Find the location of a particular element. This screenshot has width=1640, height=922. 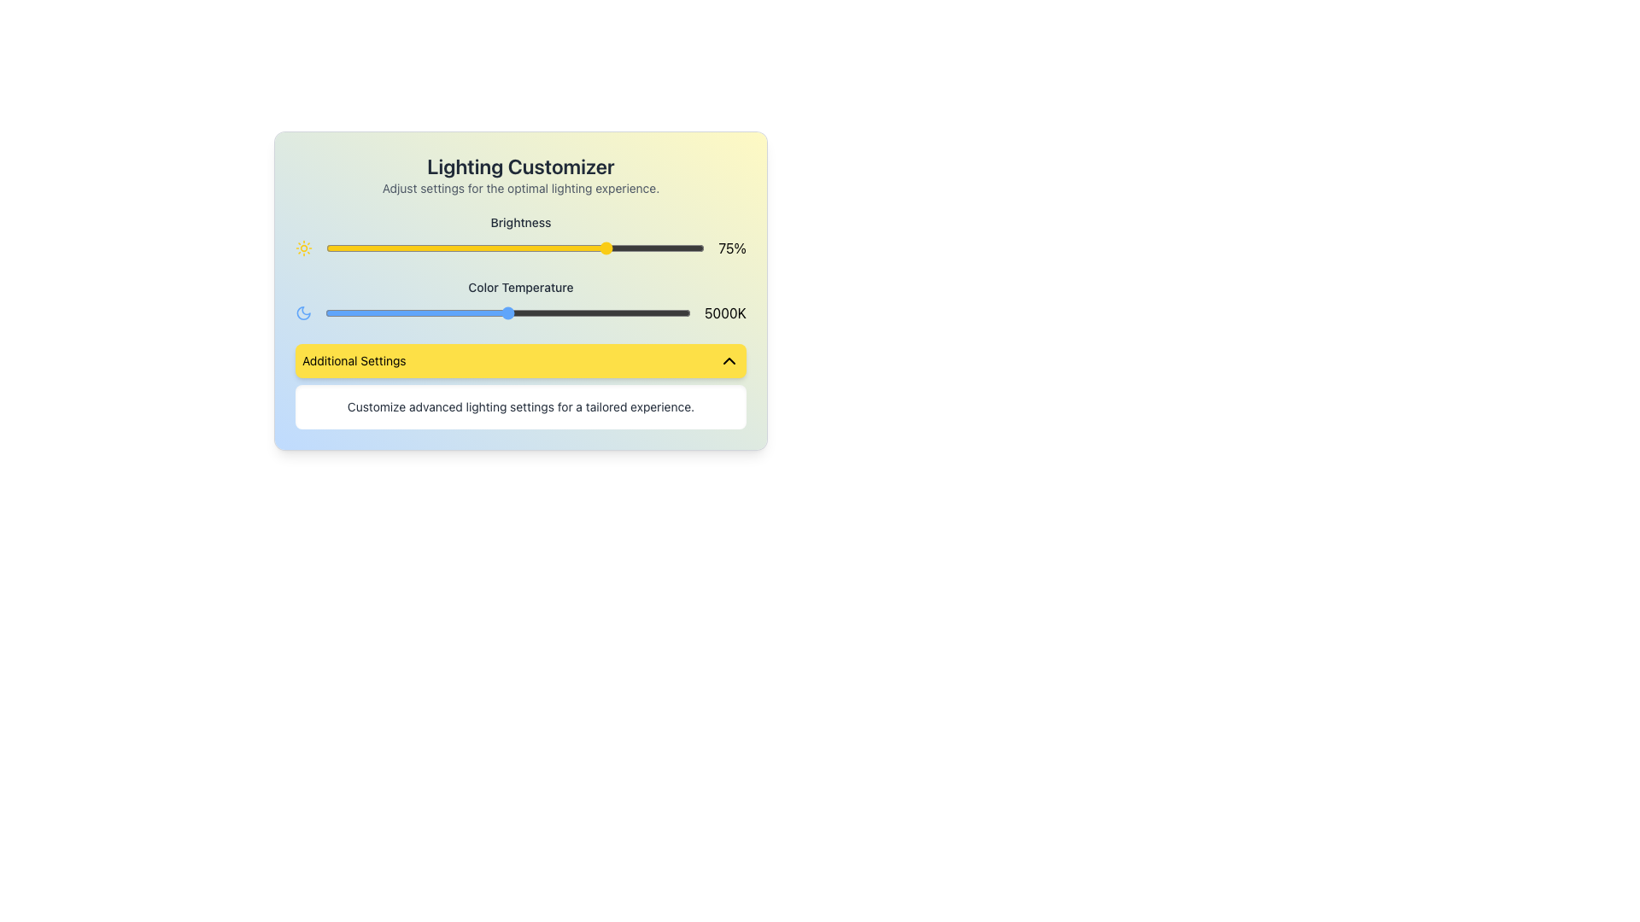

brightness is located at coordinates (397, 248).